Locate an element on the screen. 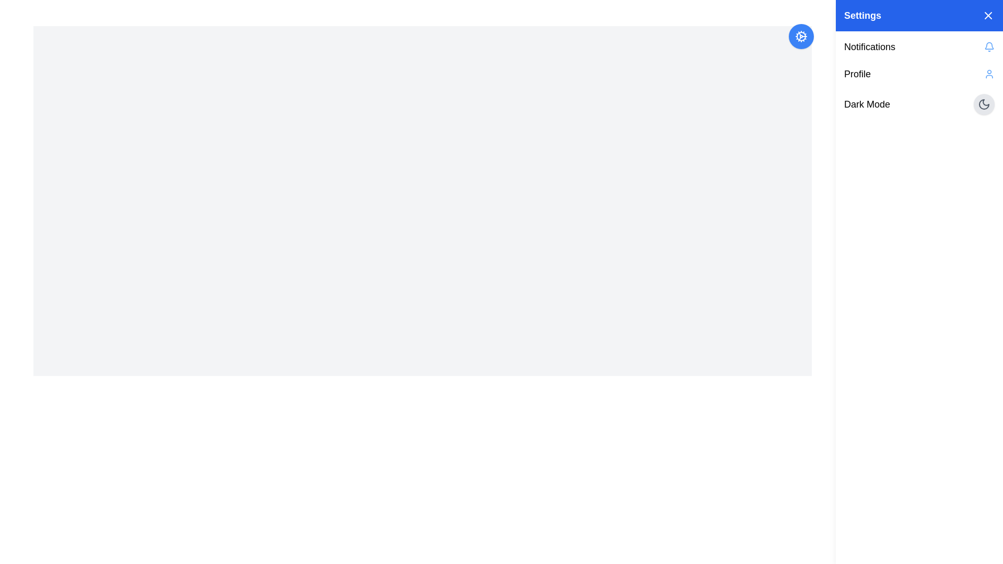 The width and height of the screenshot is (1003, 564). the close button represented by a diagonal cross 'X' icon located at the top-right corner of the sidebar panel is located at coordinates (987, 16).